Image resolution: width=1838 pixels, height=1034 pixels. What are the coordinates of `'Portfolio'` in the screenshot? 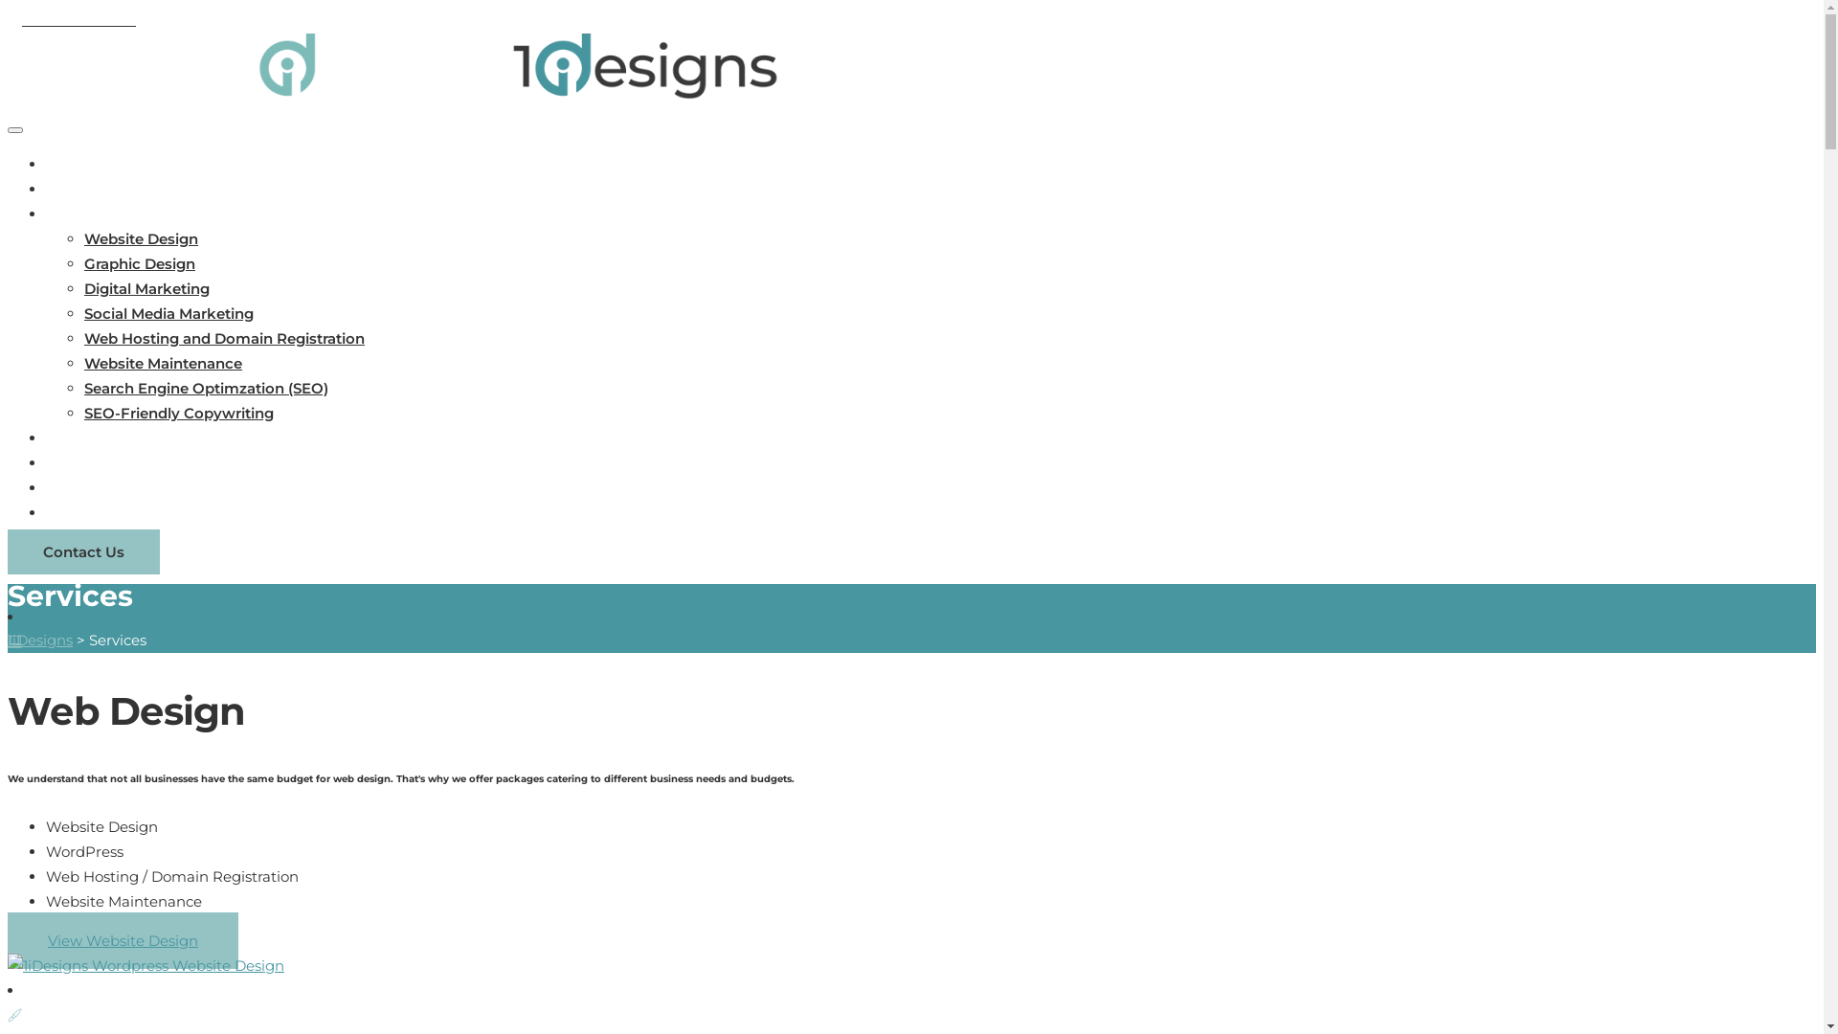 It's located at (77, 438).